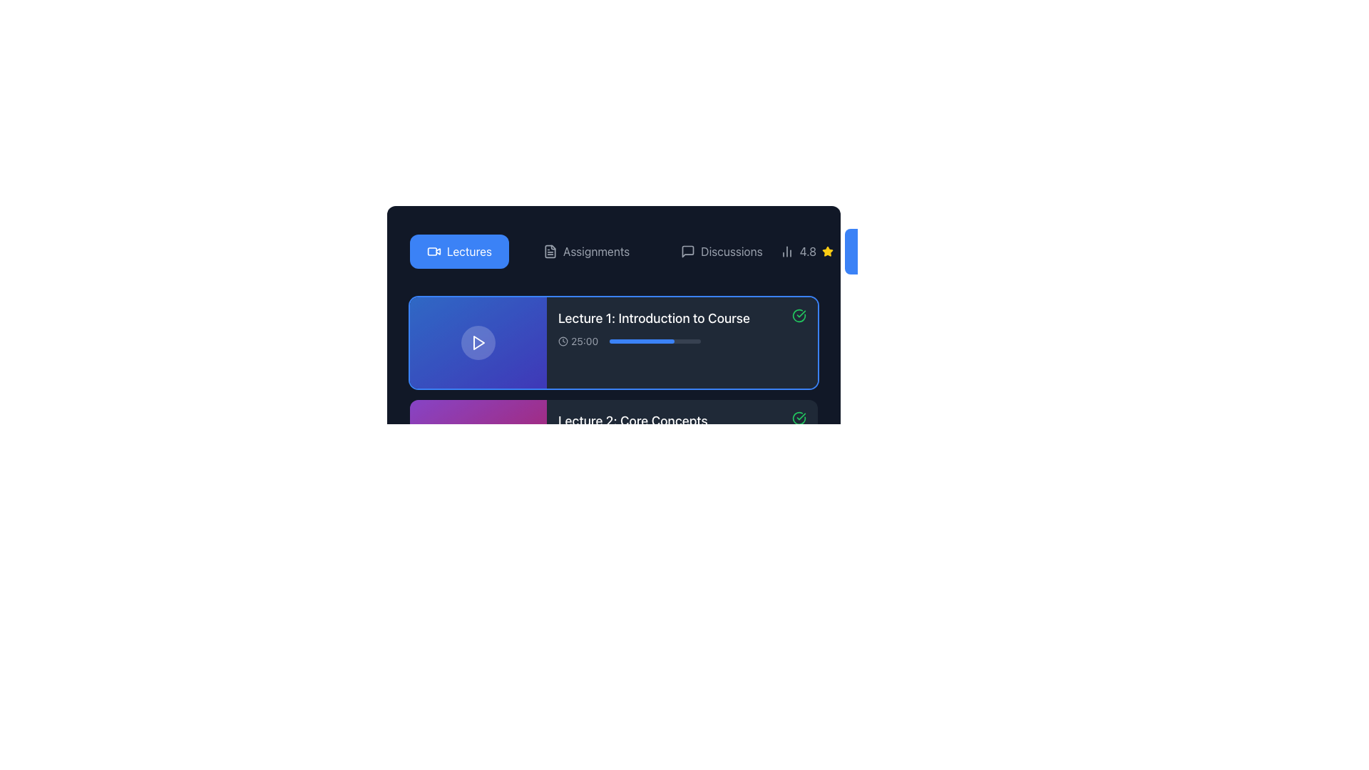 Image resolution: width=1369 pixels, height=770 pixels. I want to click on the triangular play icon located within the 'Lecture 1: Introduction, so click(479, 343).